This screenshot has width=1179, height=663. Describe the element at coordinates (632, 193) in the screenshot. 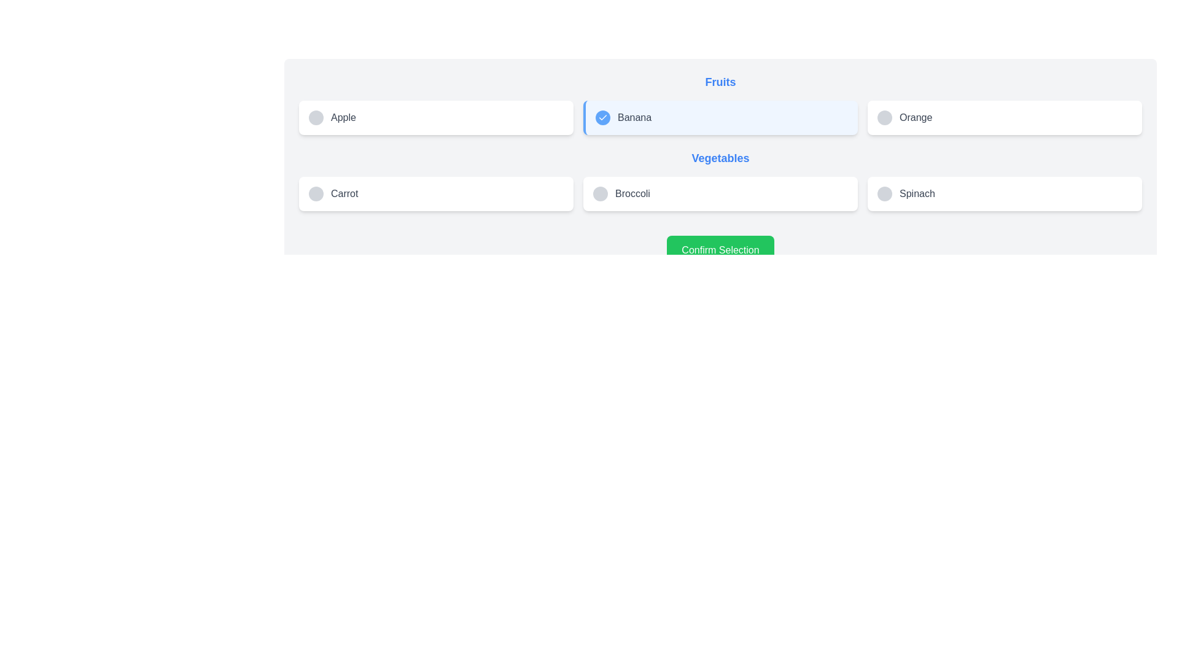

I see `the non-interactive text label that identifies the 'Broccoli' option in the 'Vegetables' category` at that location.